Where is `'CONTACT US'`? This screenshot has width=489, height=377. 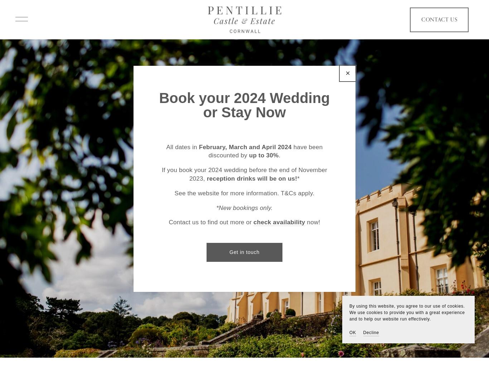 'CONTACT US' is located at coordinates (433, 22).